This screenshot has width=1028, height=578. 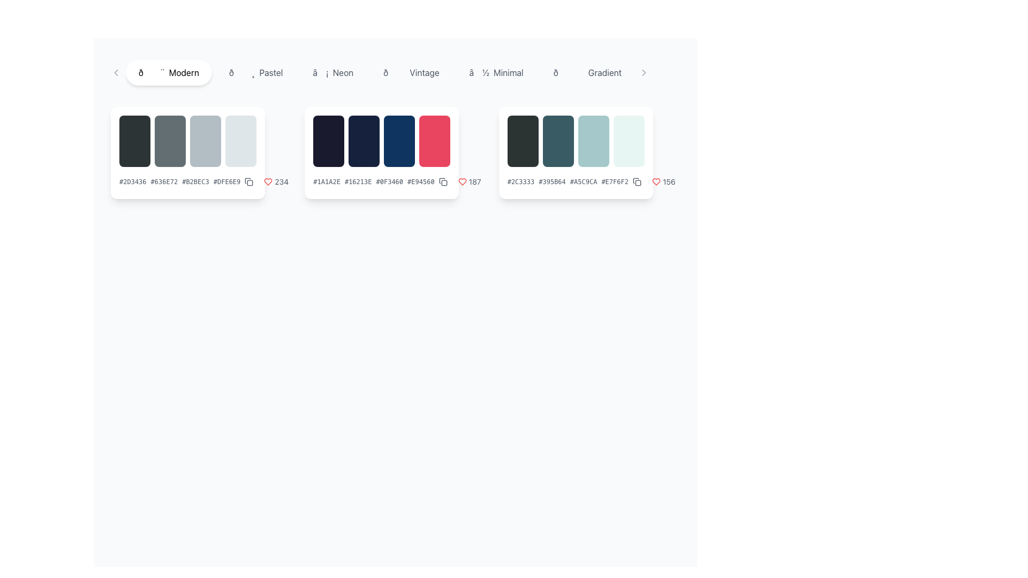 What do you see at coordinates (629, 140) in the screenshot?
I see `the light teal color swatch block with rounded corners` at bounding box center [629, 140].